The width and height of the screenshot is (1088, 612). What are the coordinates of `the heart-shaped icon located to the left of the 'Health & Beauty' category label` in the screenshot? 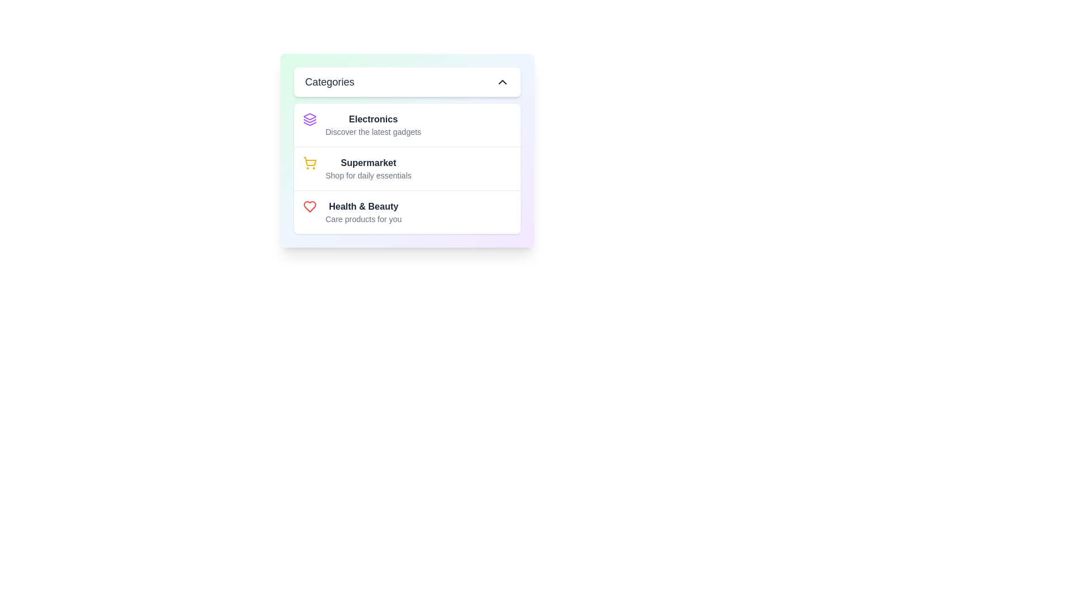 It's located at (309, 207).